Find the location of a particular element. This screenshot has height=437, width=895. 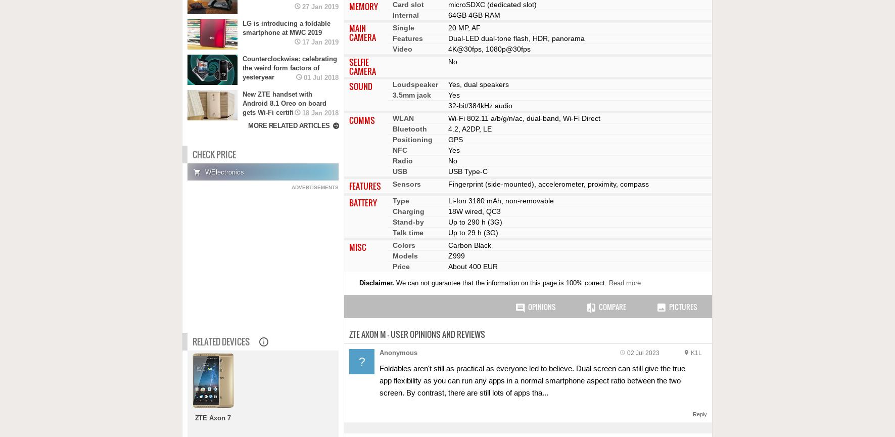

'Counterclockwise: celebrating the weird form factors of yesteryear' is located at coordinates (242, 67).